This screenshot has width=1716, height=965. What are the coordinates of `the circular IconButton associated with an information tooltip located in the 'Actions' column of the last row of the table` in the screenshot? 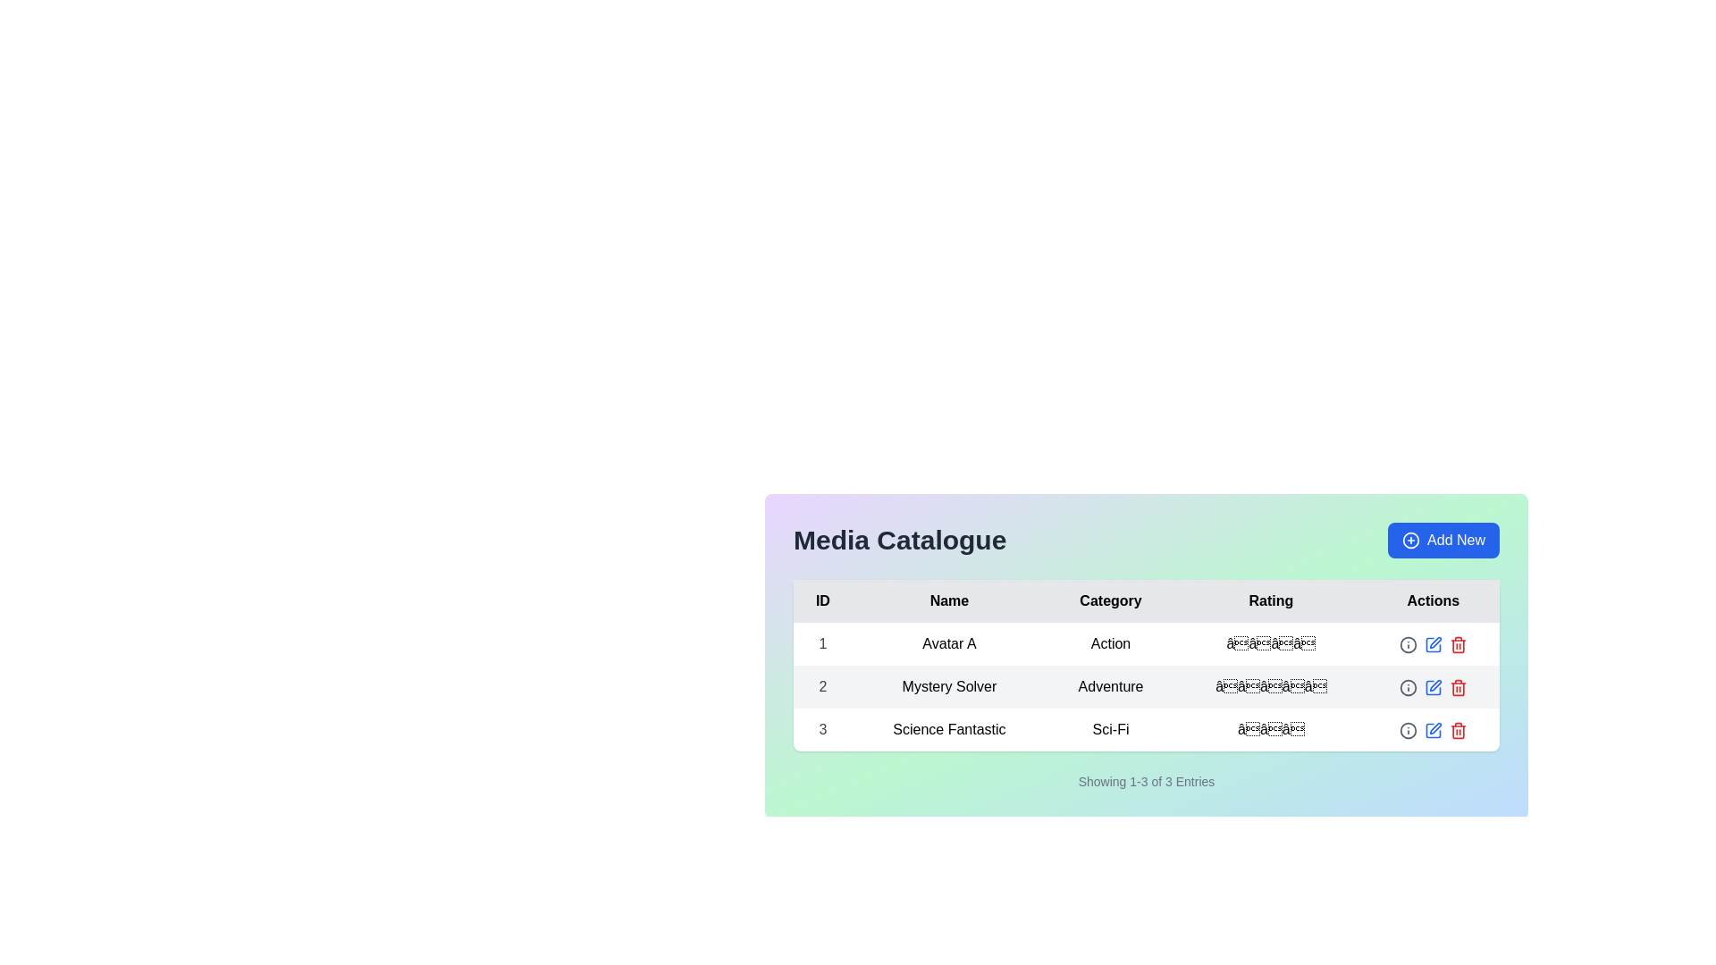 It's located at (1407, 730).